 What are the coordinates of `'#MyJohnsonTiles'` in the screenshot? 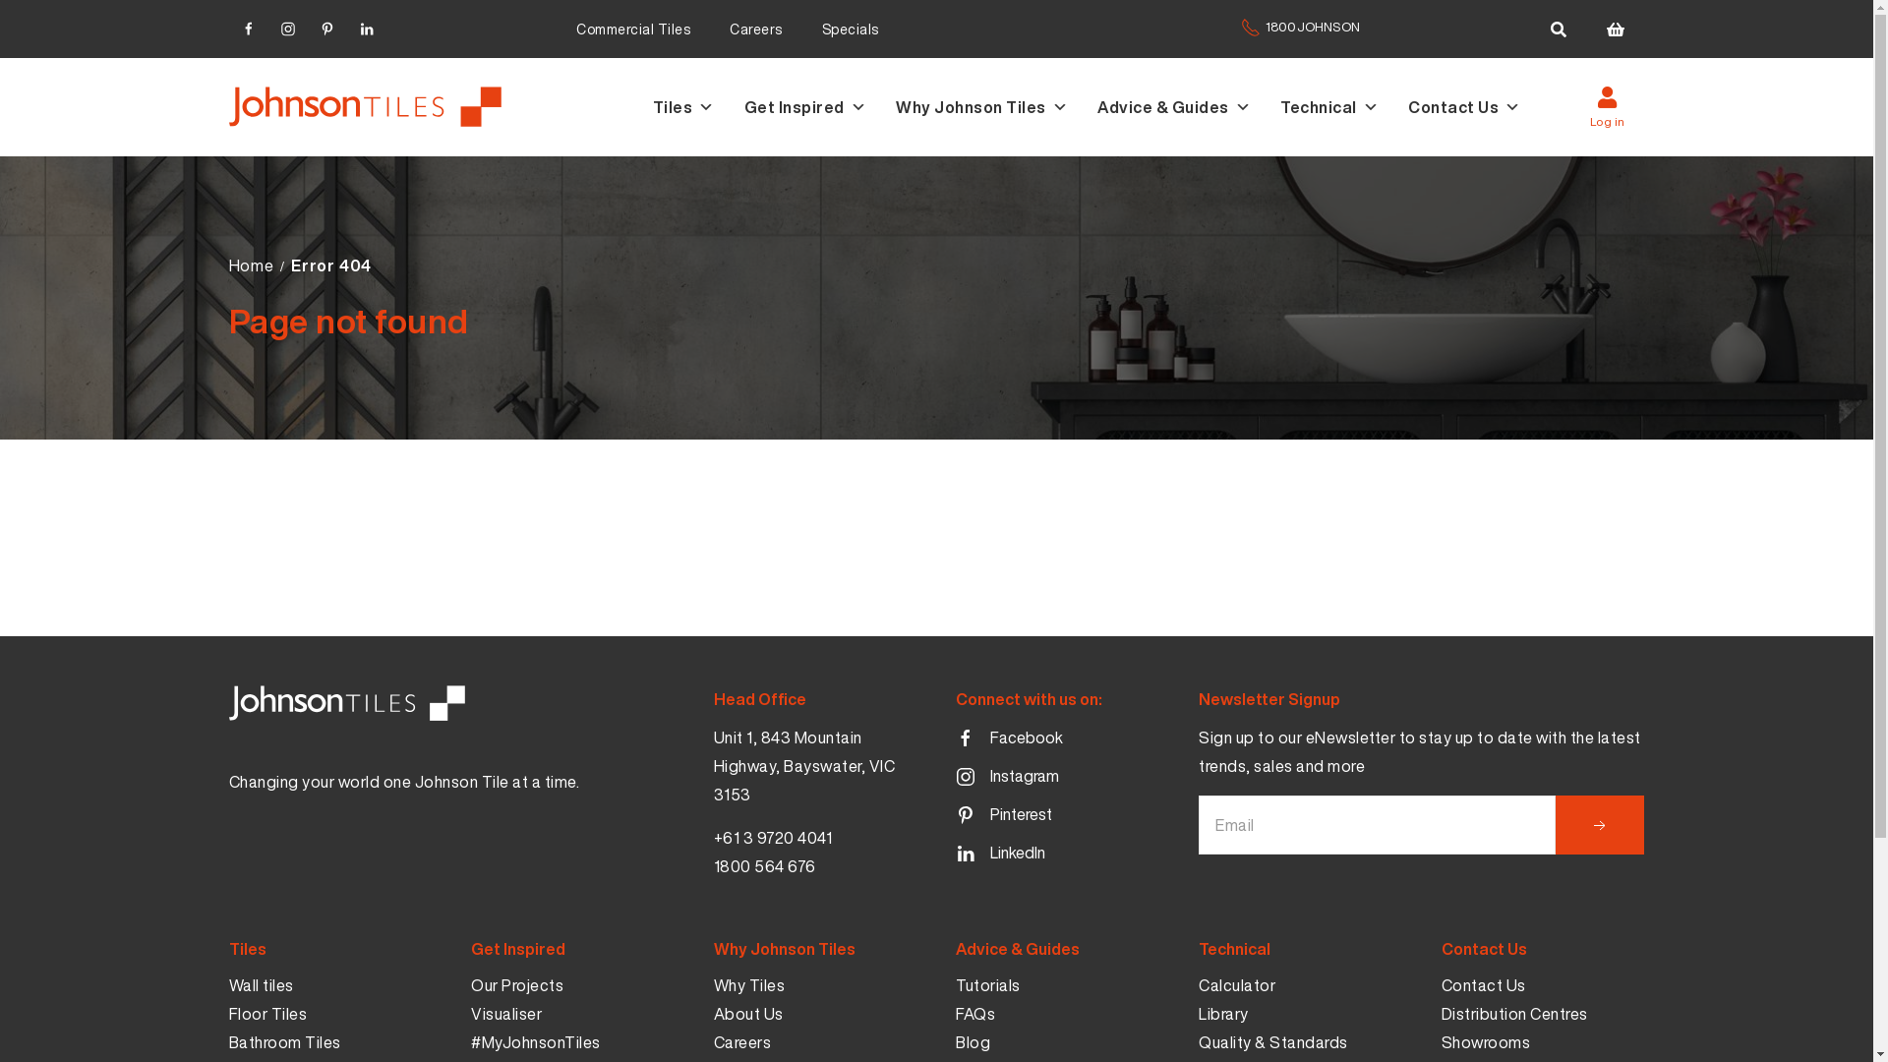 It's located at (536, 1041).